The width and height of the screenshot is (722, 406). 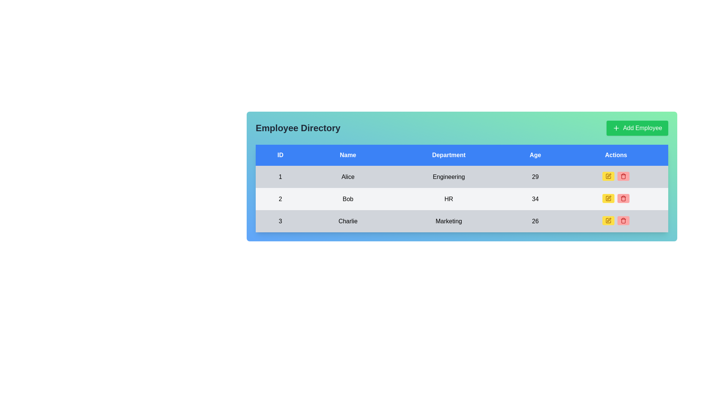 I want to click on the yellow square icon button with a pen figure in the 'Actions' column of the second row for employee 'Bob', so click(x=608, y=176).